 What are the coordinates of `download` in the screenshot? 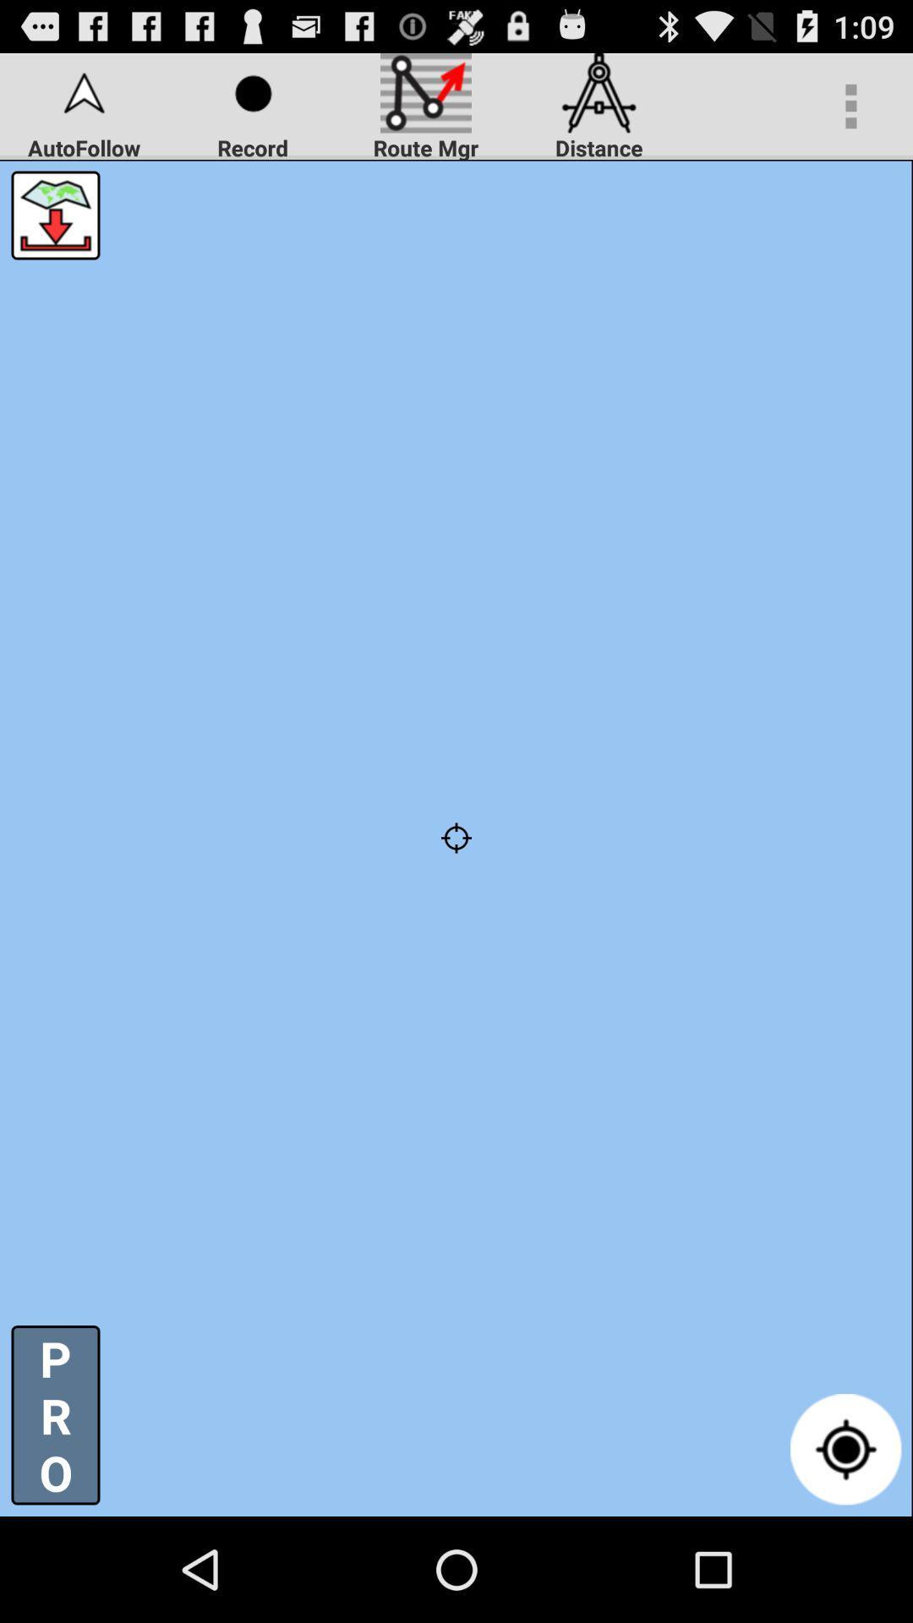 It's located at (54, 214).